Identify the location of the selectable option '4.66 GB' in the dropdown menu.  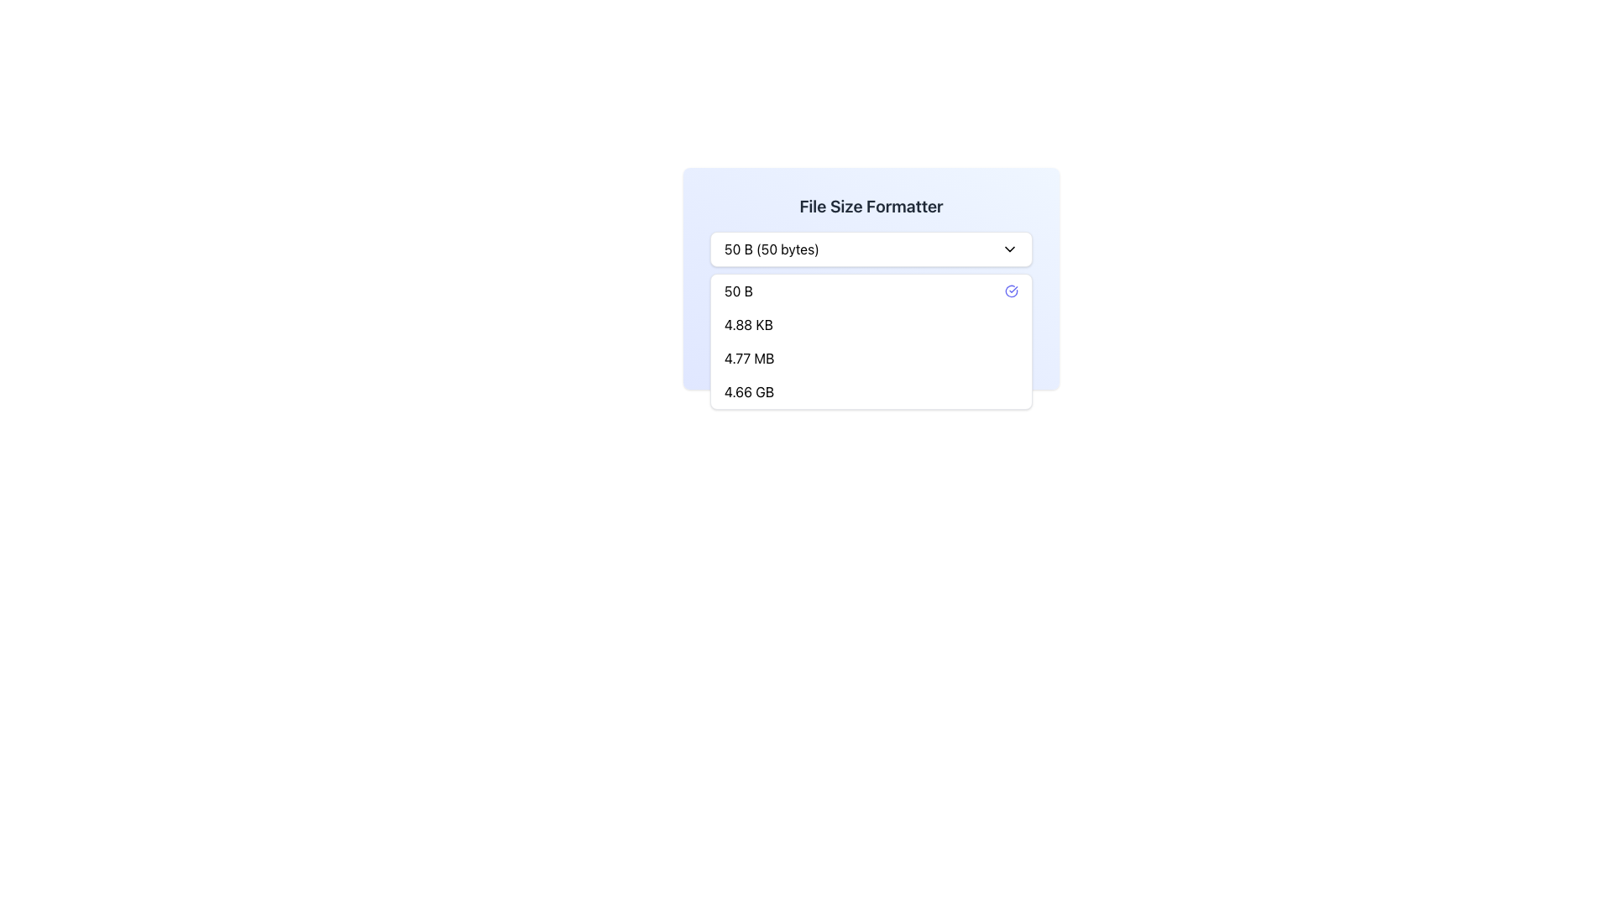
(748, 391).